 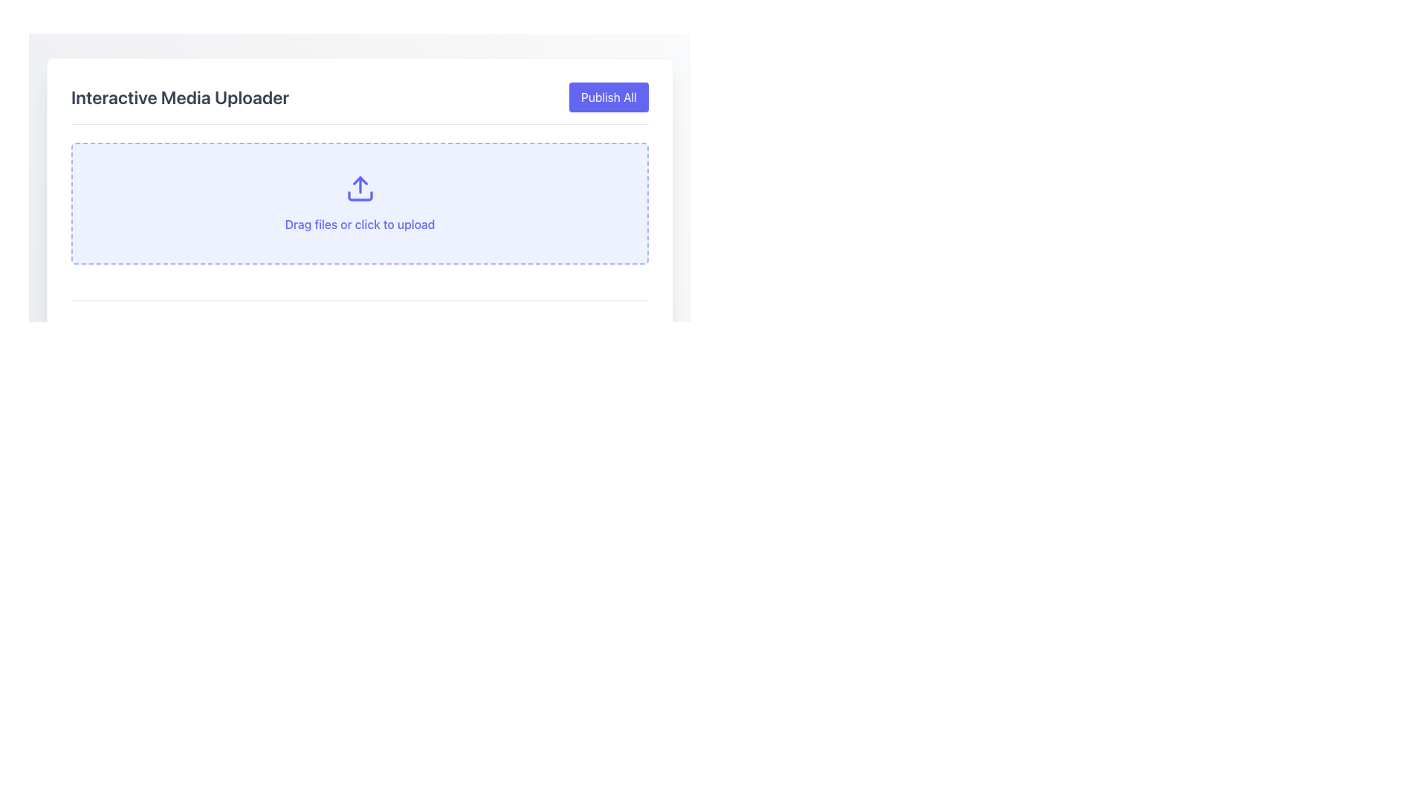 What do you see at coordinates (360, 195) in the screenshot?
I see `the decorative base of the upload-themed icon located at the center of the upload area, which visually supports the arrow above it` at bounding box center [360, 195].